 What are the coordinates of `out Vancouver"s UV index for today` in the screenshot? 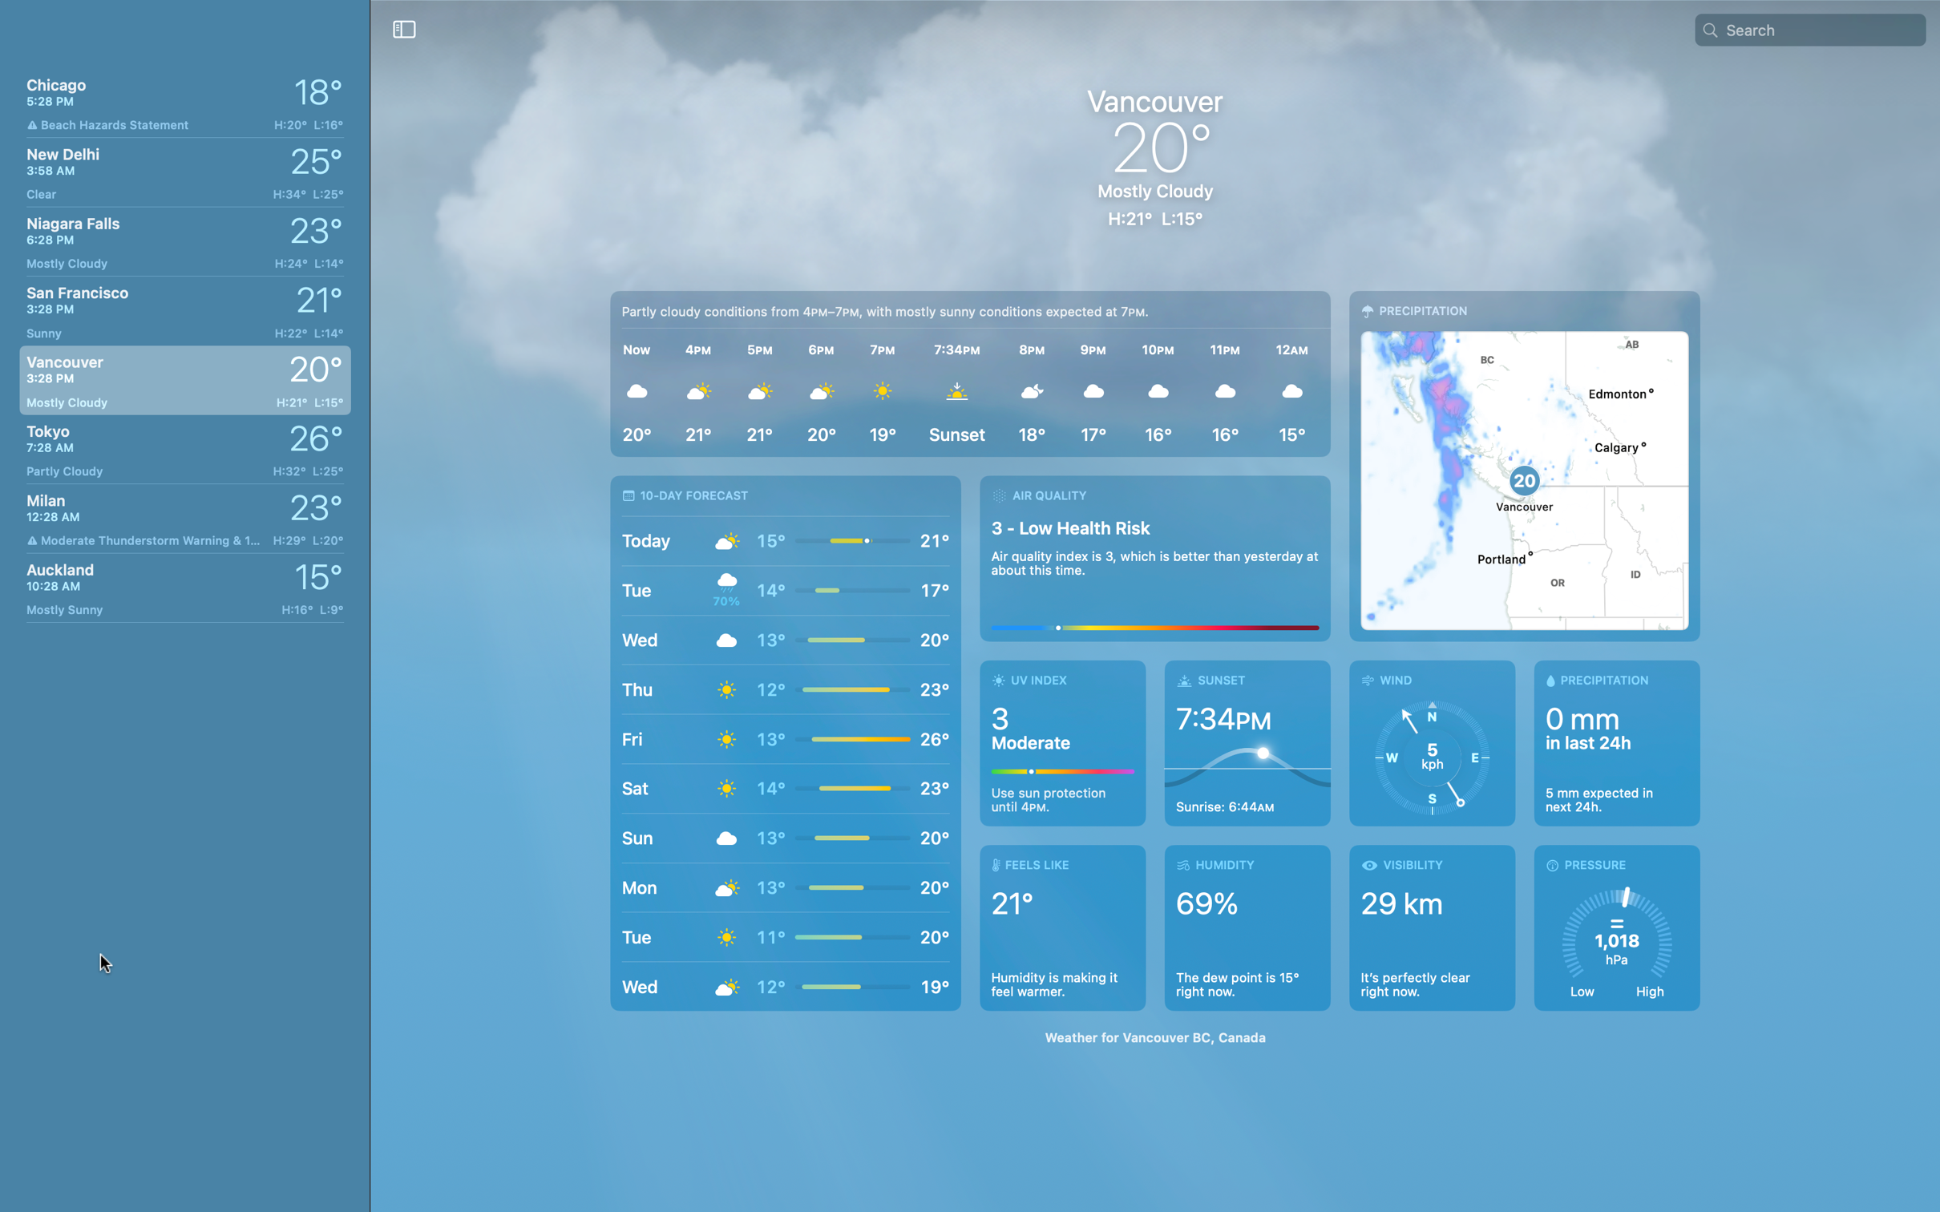 It's located at (1063, 742).